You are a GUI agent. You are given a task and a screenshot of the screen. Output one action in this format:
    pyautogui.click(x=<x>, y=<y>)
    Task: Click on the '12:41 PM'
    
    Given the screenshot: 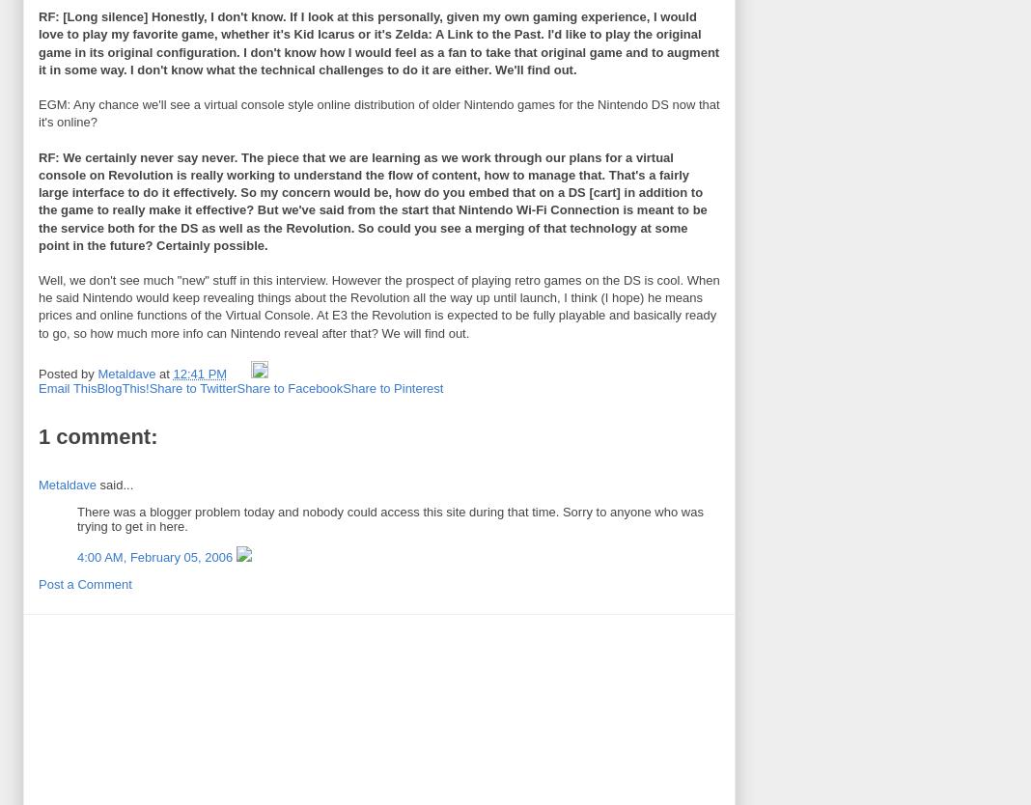 What is the action you would take?
    pyautogui.click(x=199, y=373)
    